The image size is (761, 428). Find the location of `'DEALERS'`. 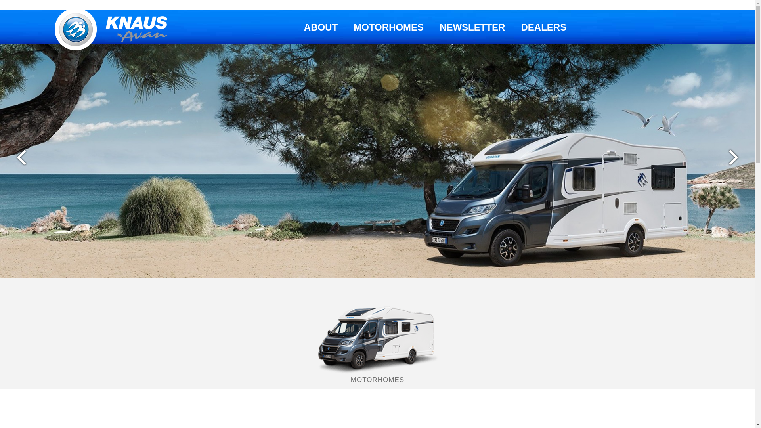

'DEALERS' is located at coordinates (513, 27).